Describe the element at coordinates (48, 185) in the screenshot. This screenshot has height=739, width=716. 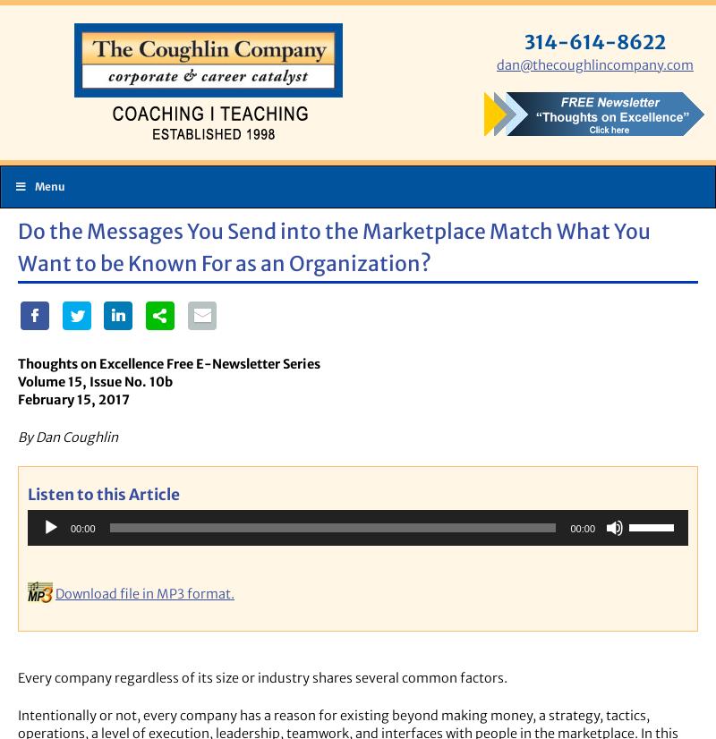
I see `'Menu'` at that location.